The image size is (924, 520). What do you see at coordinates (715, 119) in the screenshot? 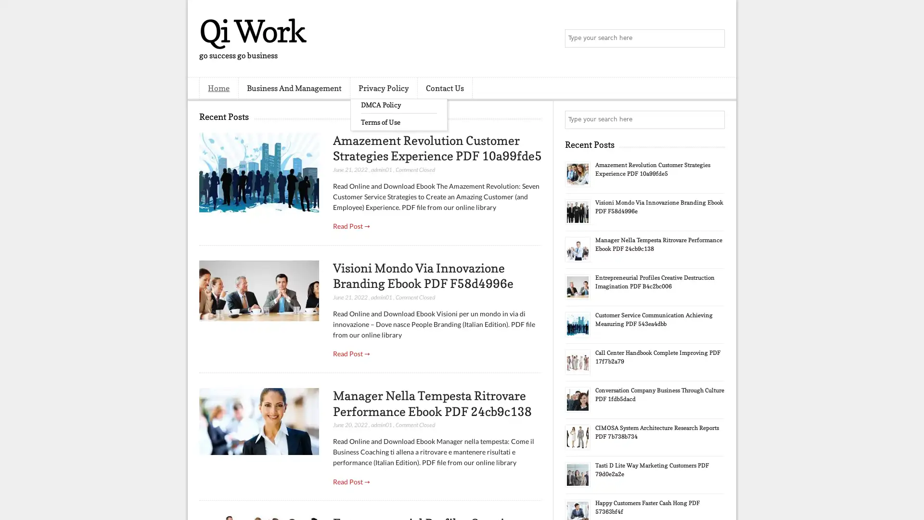
I see `Search` at bounding box center [715, 119].